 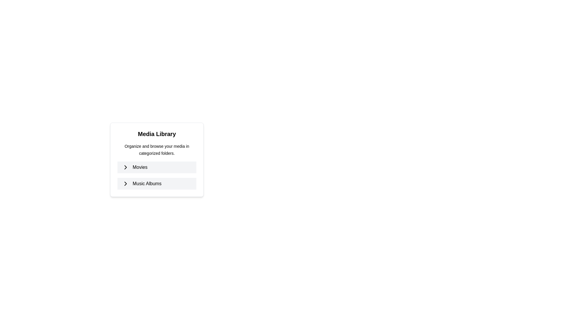 I want to click on the black arrow icon pointing right, located to the left of the 'Movies' text, so click(x=125, y=167).